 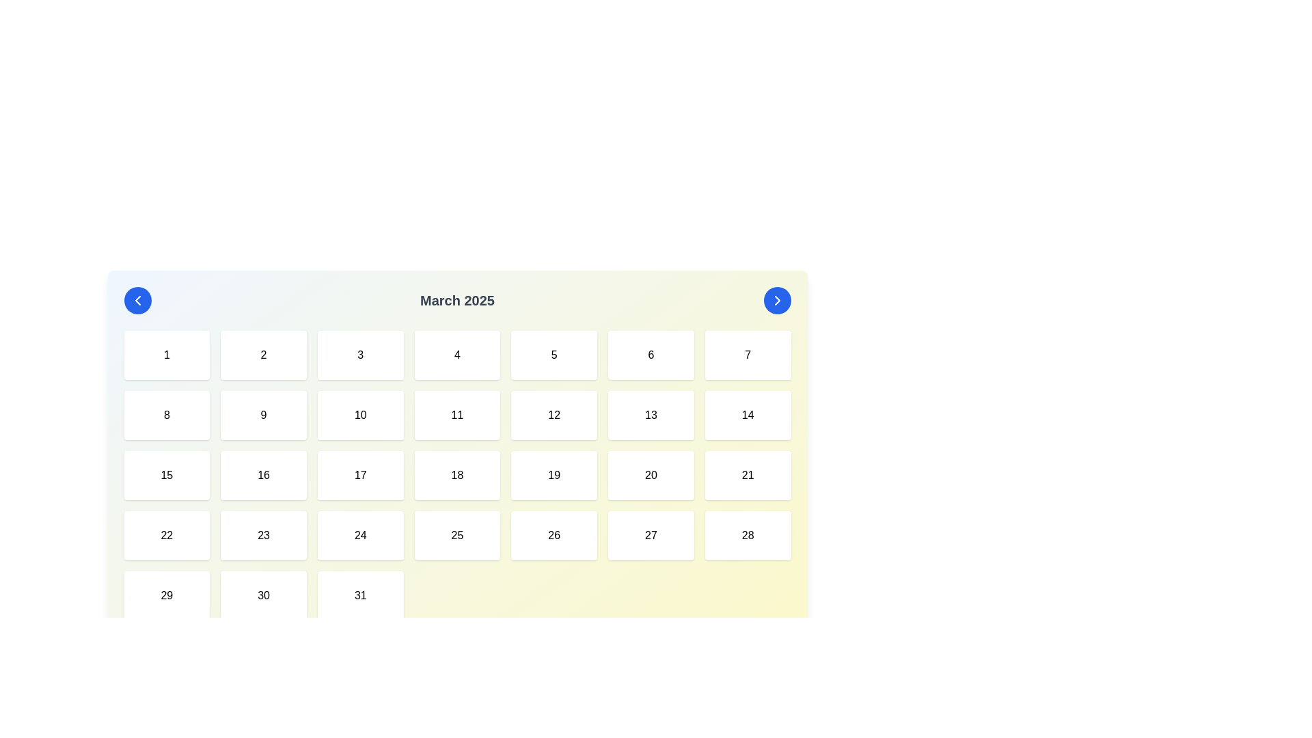 I want to click on the calendar grid cell representing the 9th day, so click(x=264, y=415).